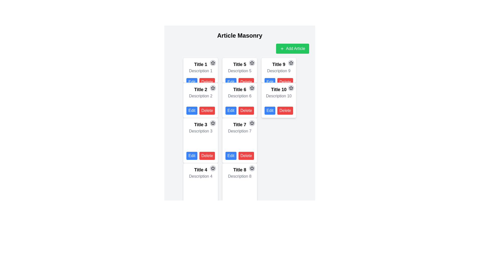 The image size is (481, 271). What do you see at coordinates (239, 100) in the screenshot?
I see `the card component with the title 'Title 6' and description 'Description 6'` at bounding box center [239, 100].